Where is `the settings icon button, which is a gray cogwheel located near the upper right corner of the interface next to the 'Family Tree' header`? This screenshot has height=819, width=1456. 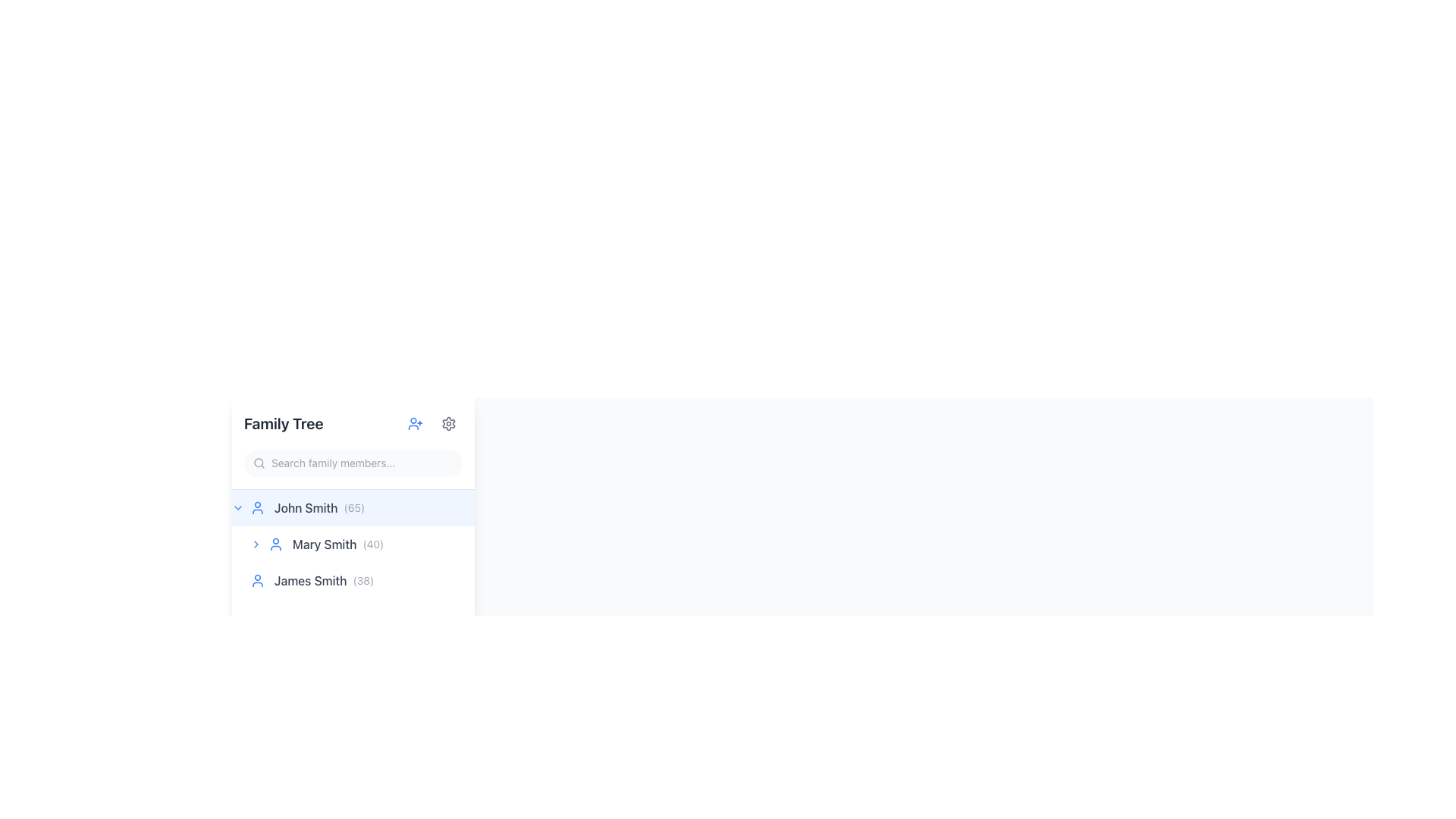
the settings icon button, which is a gray cogwheel located near the upper right corner of the interface next to the 'Family Tree' header is located at coordinates (447, 424).